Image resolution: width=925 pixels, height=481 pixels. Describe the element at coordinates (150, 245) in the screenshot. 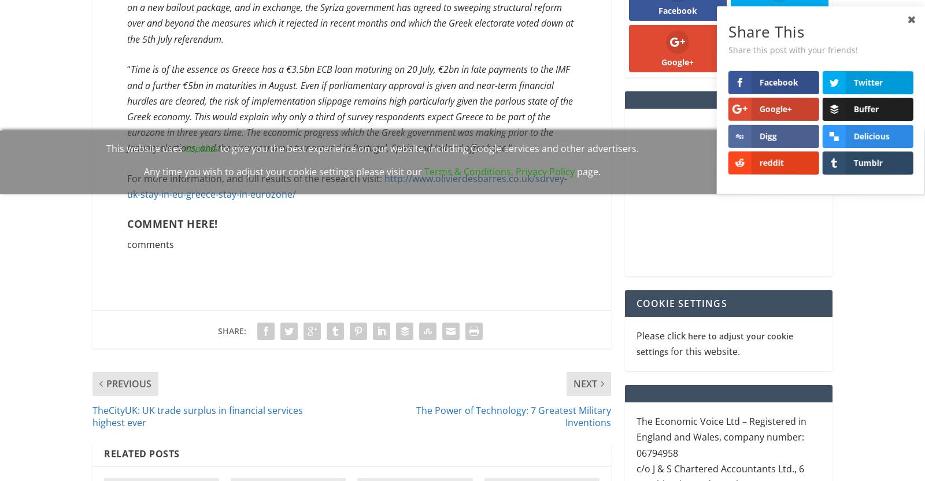

I see `'comments'` at that location.